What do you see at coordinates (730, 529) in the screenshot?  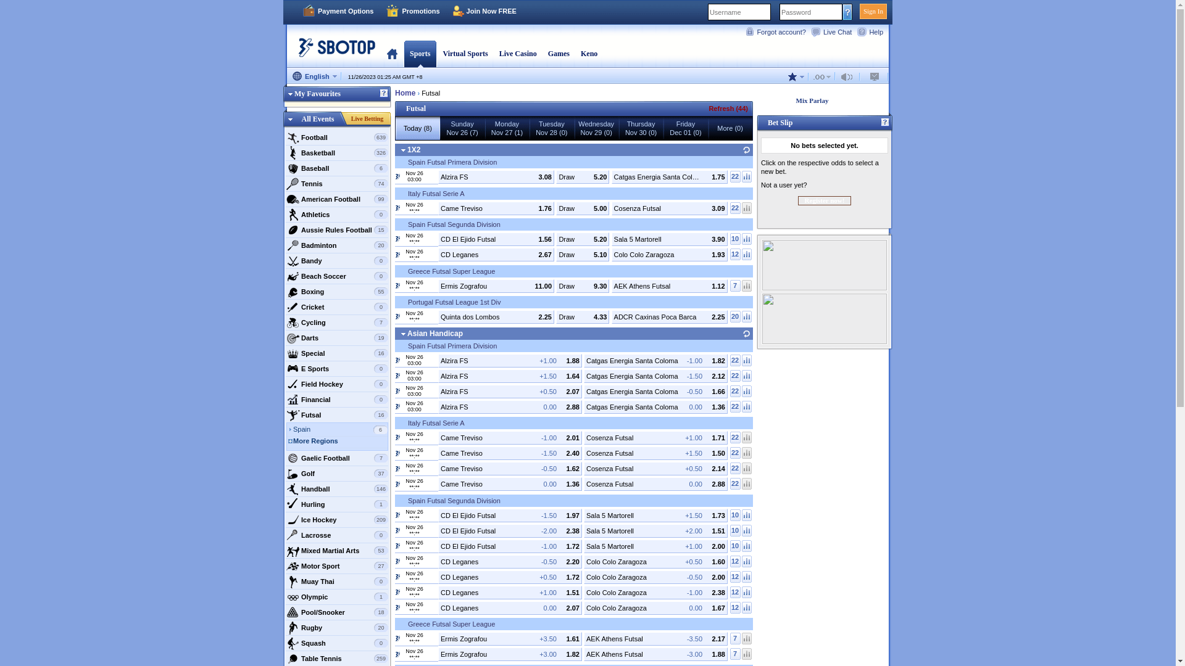 I see `'10'` at bounding box center [730, 529].